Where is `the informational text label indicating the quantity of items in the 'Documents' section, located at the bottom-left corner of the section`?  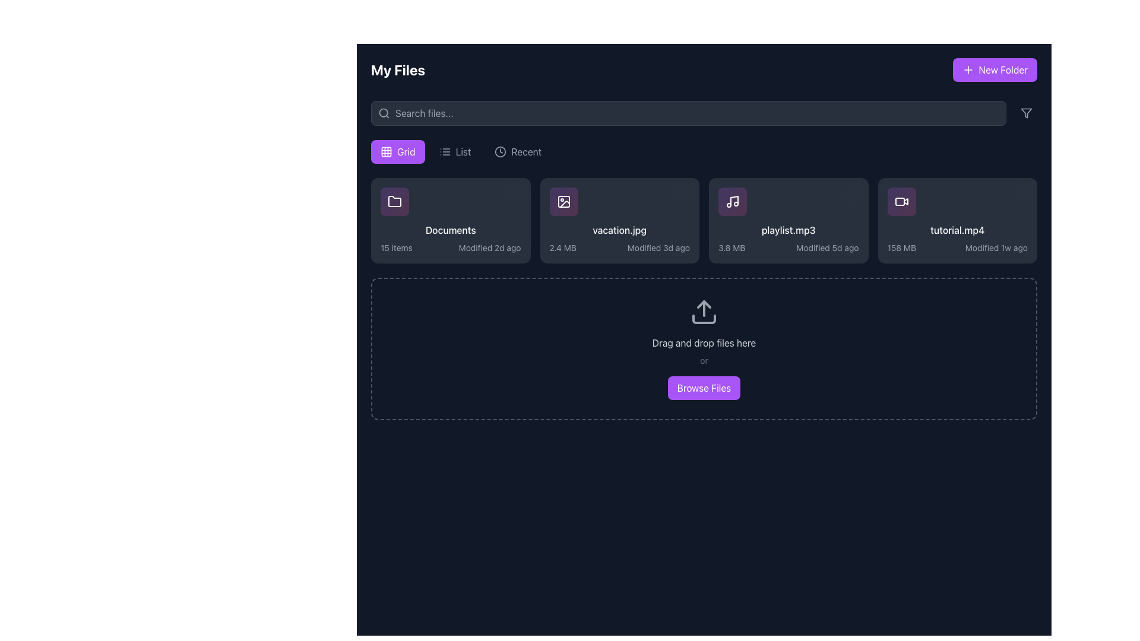
the informational text label indicating the quantity of items in the 'Documents' section, located at the bottom-left corner of the section is located at coordinates (396, 247).